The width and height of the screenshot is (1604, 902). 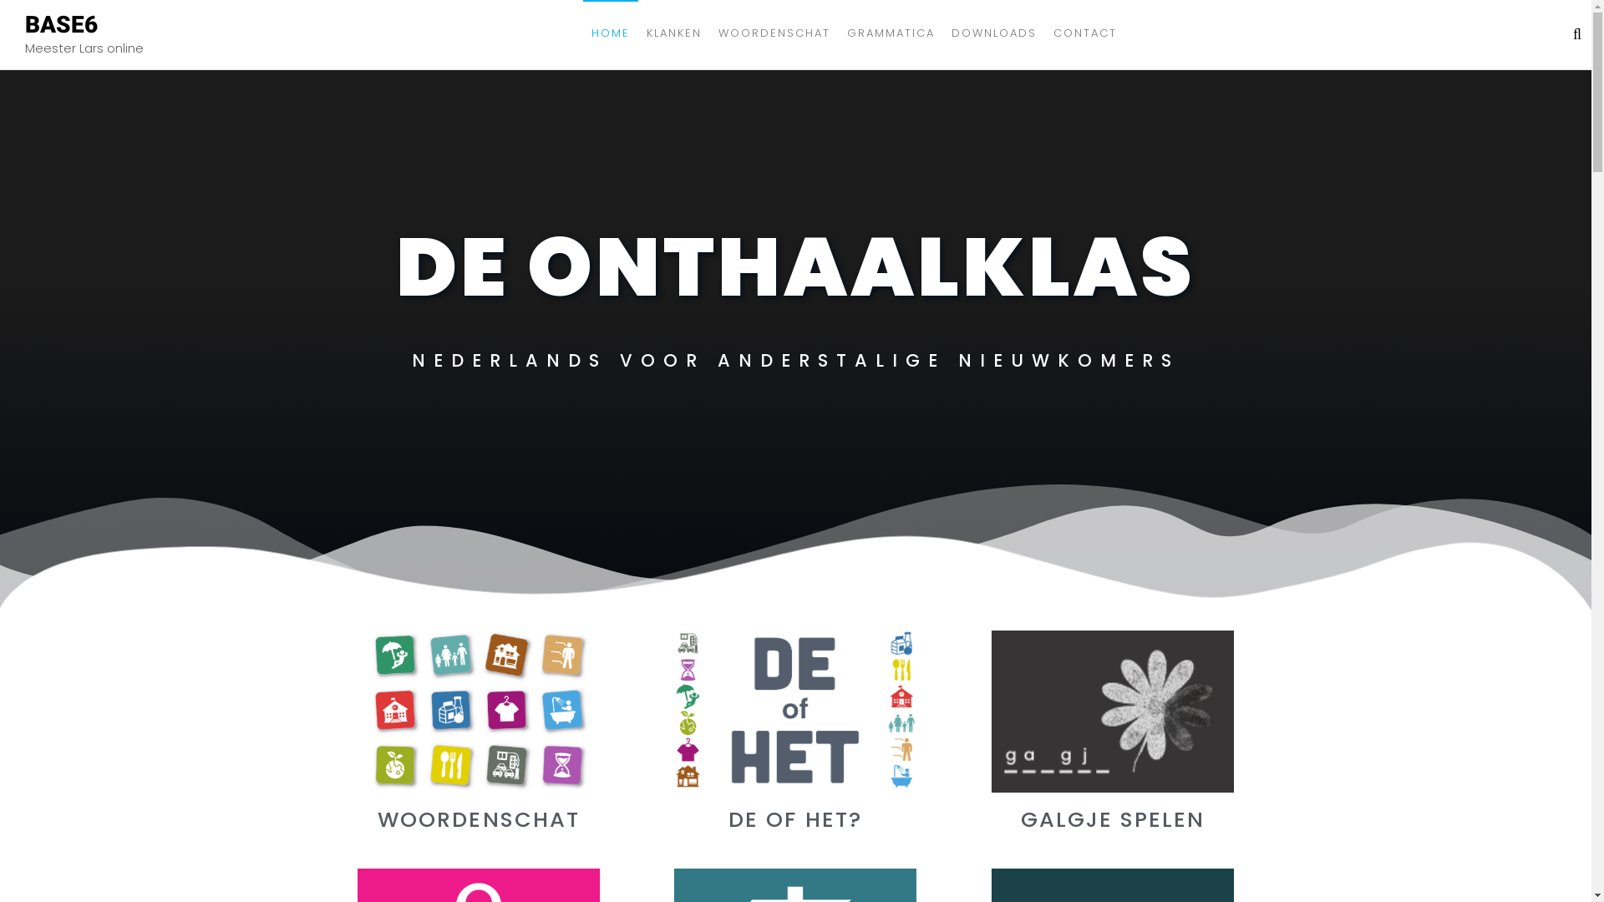 What do you see at coordinates (942, 33) in the screenshot?
I see `'DOWNLOADS'` at bounding box center [942, 33].